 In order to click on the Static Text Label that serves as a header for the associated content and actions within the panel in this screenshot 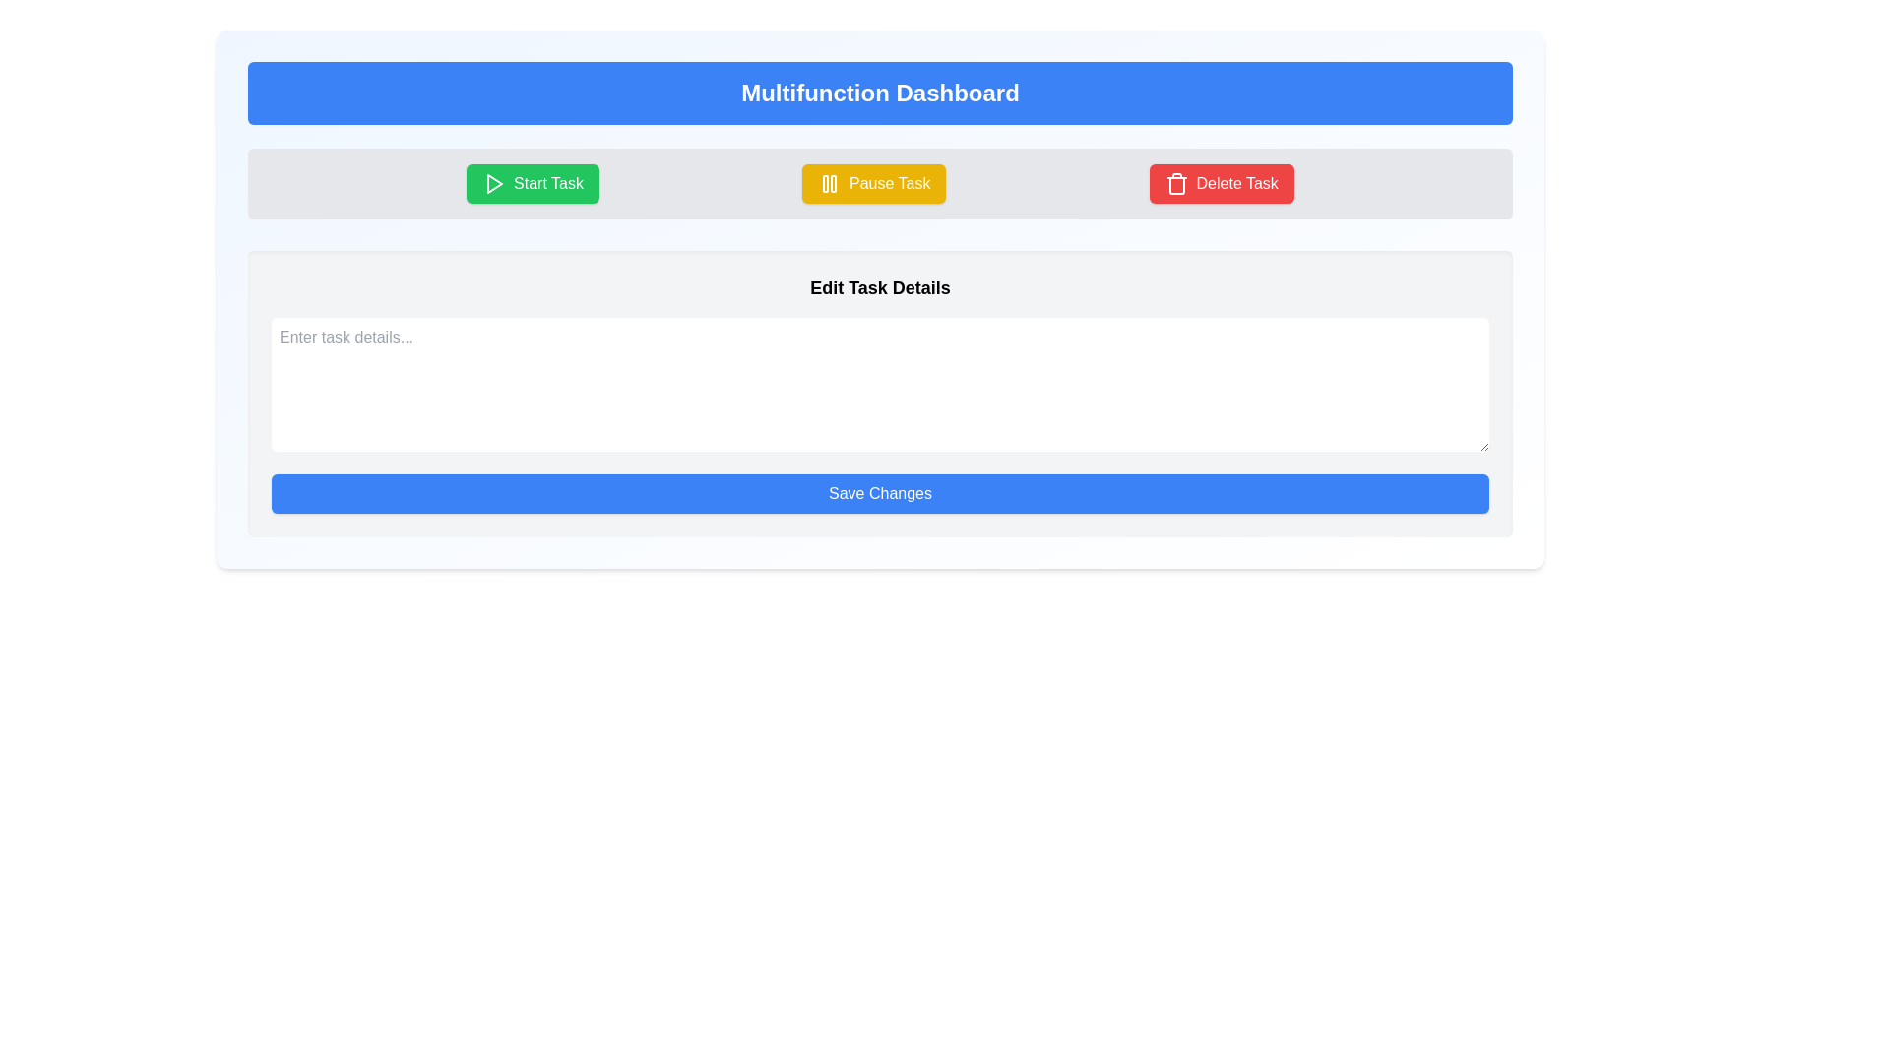, I will do `click(879, 288)`.